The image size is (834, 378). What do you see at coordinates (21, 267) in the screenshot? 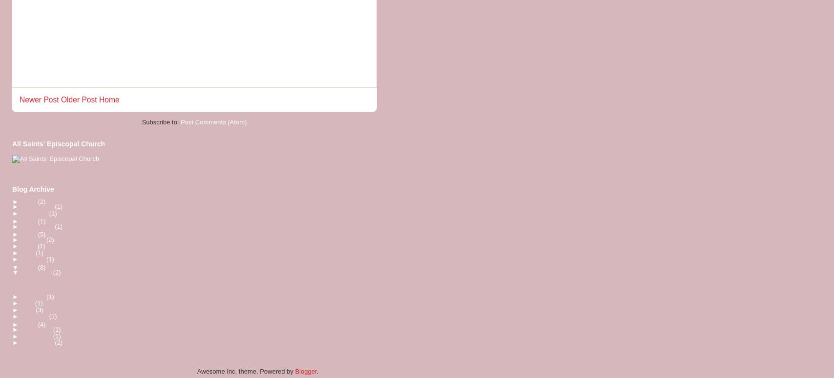
I see `'2014'` at bounding box center [21, 267].